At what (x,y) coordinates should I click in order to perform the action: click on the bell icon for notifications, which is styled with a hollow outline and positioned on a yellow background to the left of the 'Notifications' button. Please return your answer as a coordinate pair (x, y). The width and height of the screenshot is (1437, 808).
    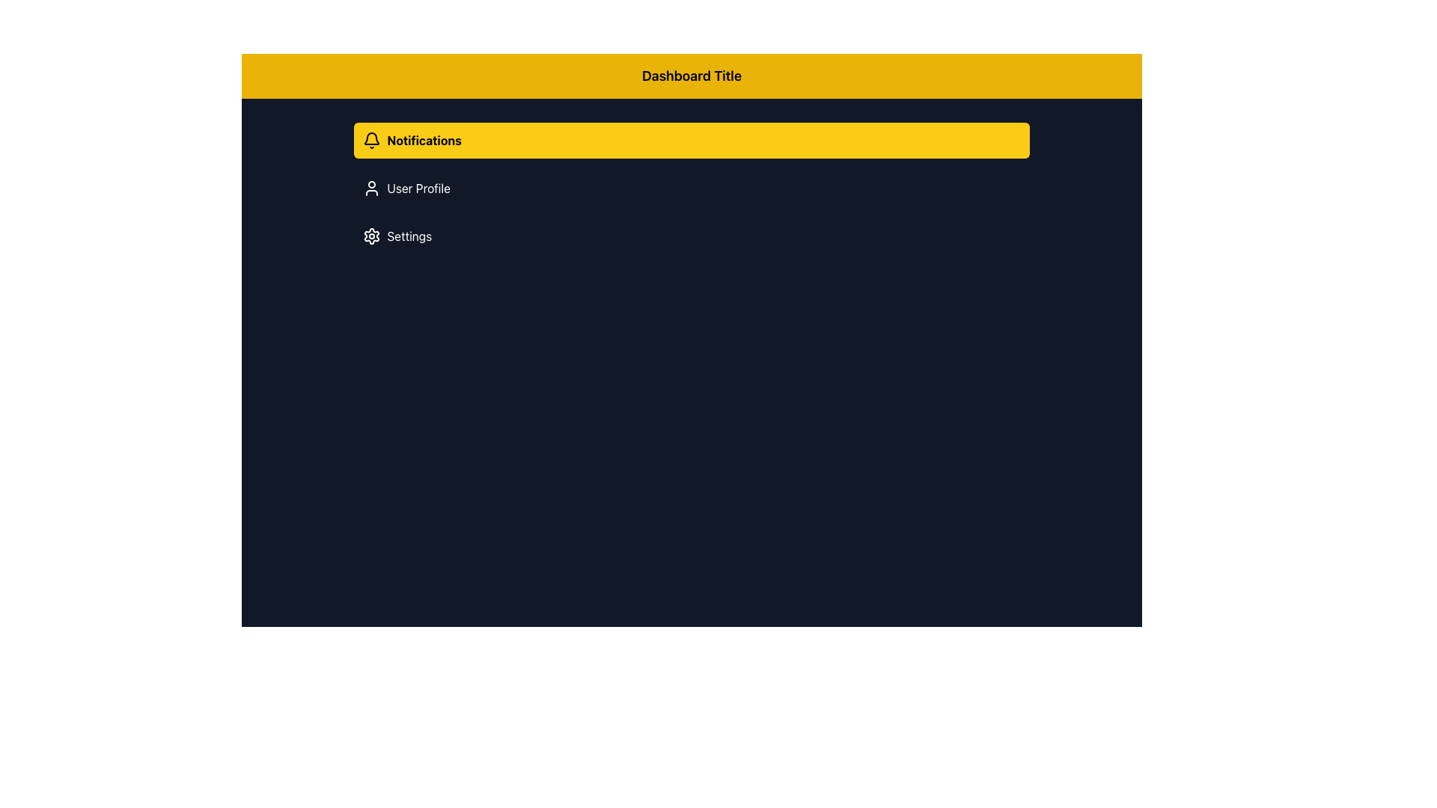
    Looking at the image, I should click on (372, 141).